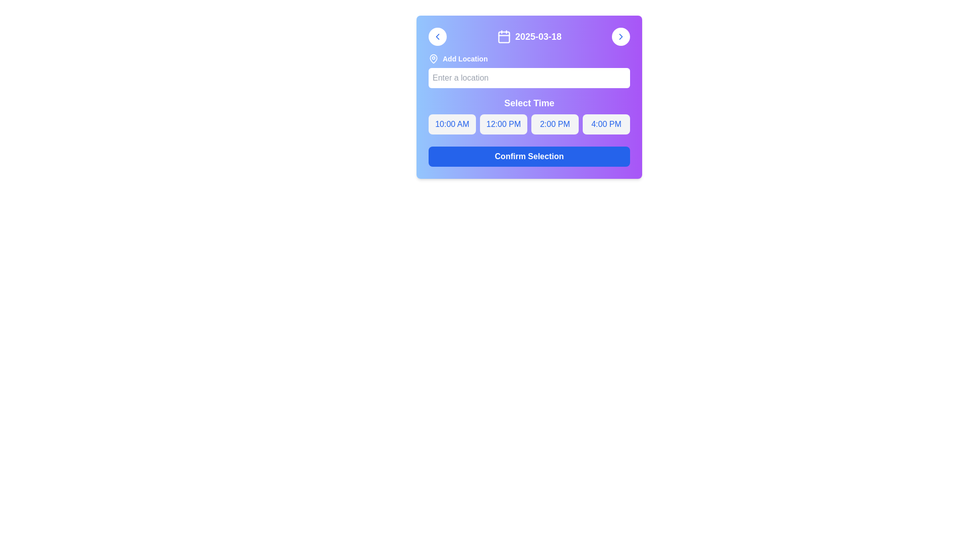 Image resolution: width=967 pixels, height=544 pixels. Describe the element at coordinates (433, 58) in the screenshot. I see `the 'Add Location' icon which is located to the left of the 'Add Location' text in the modal` at that location.